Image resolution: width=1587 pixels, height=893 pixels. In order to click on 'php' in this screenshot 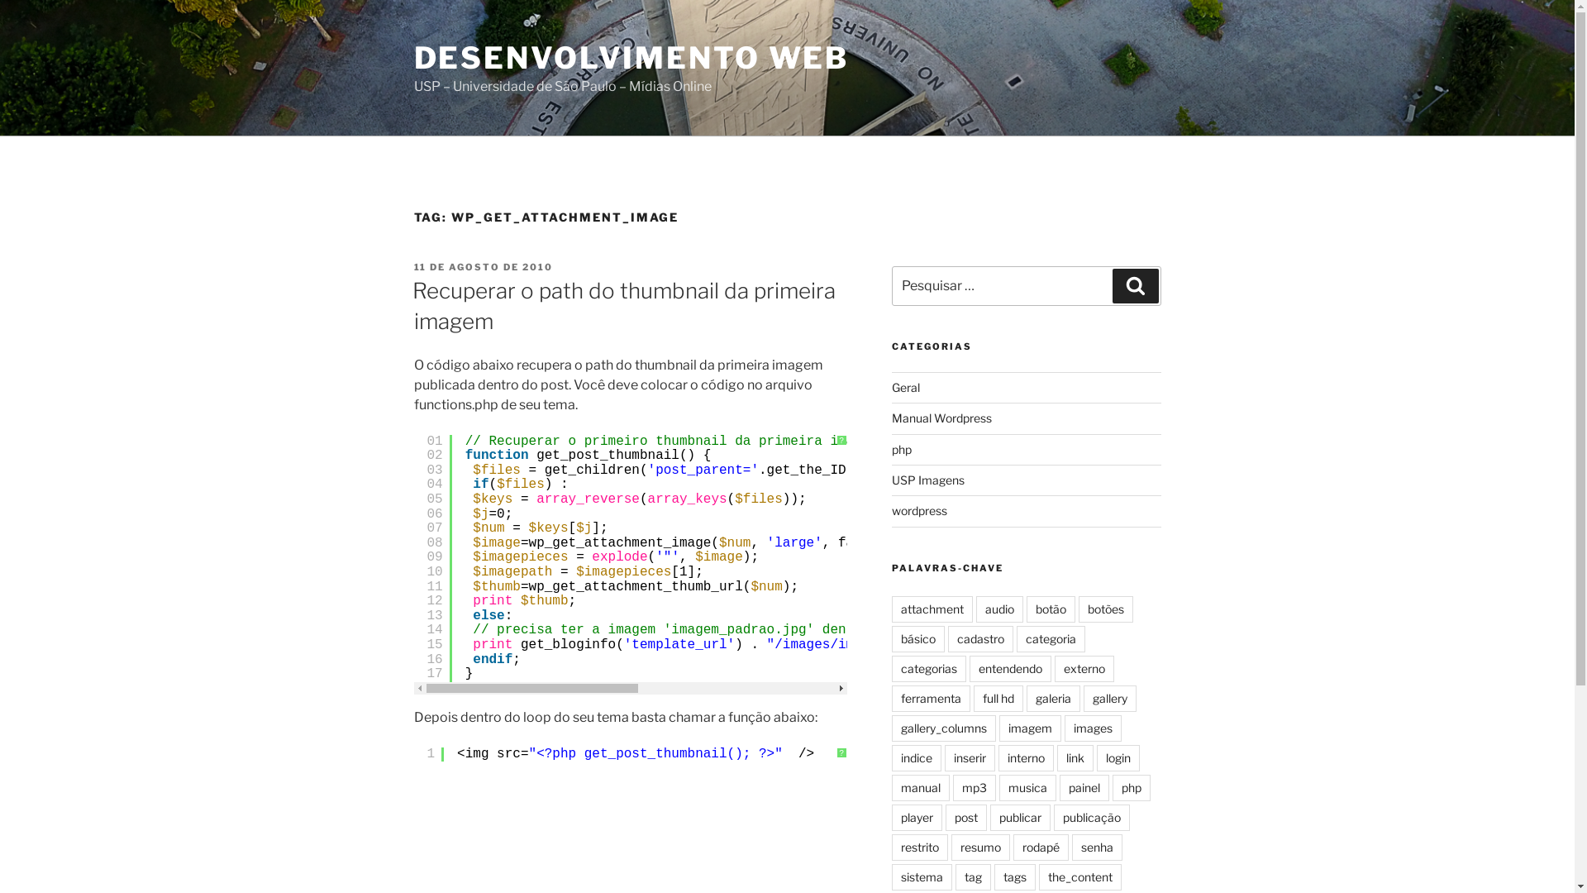, I will do `click(900, 449)`.